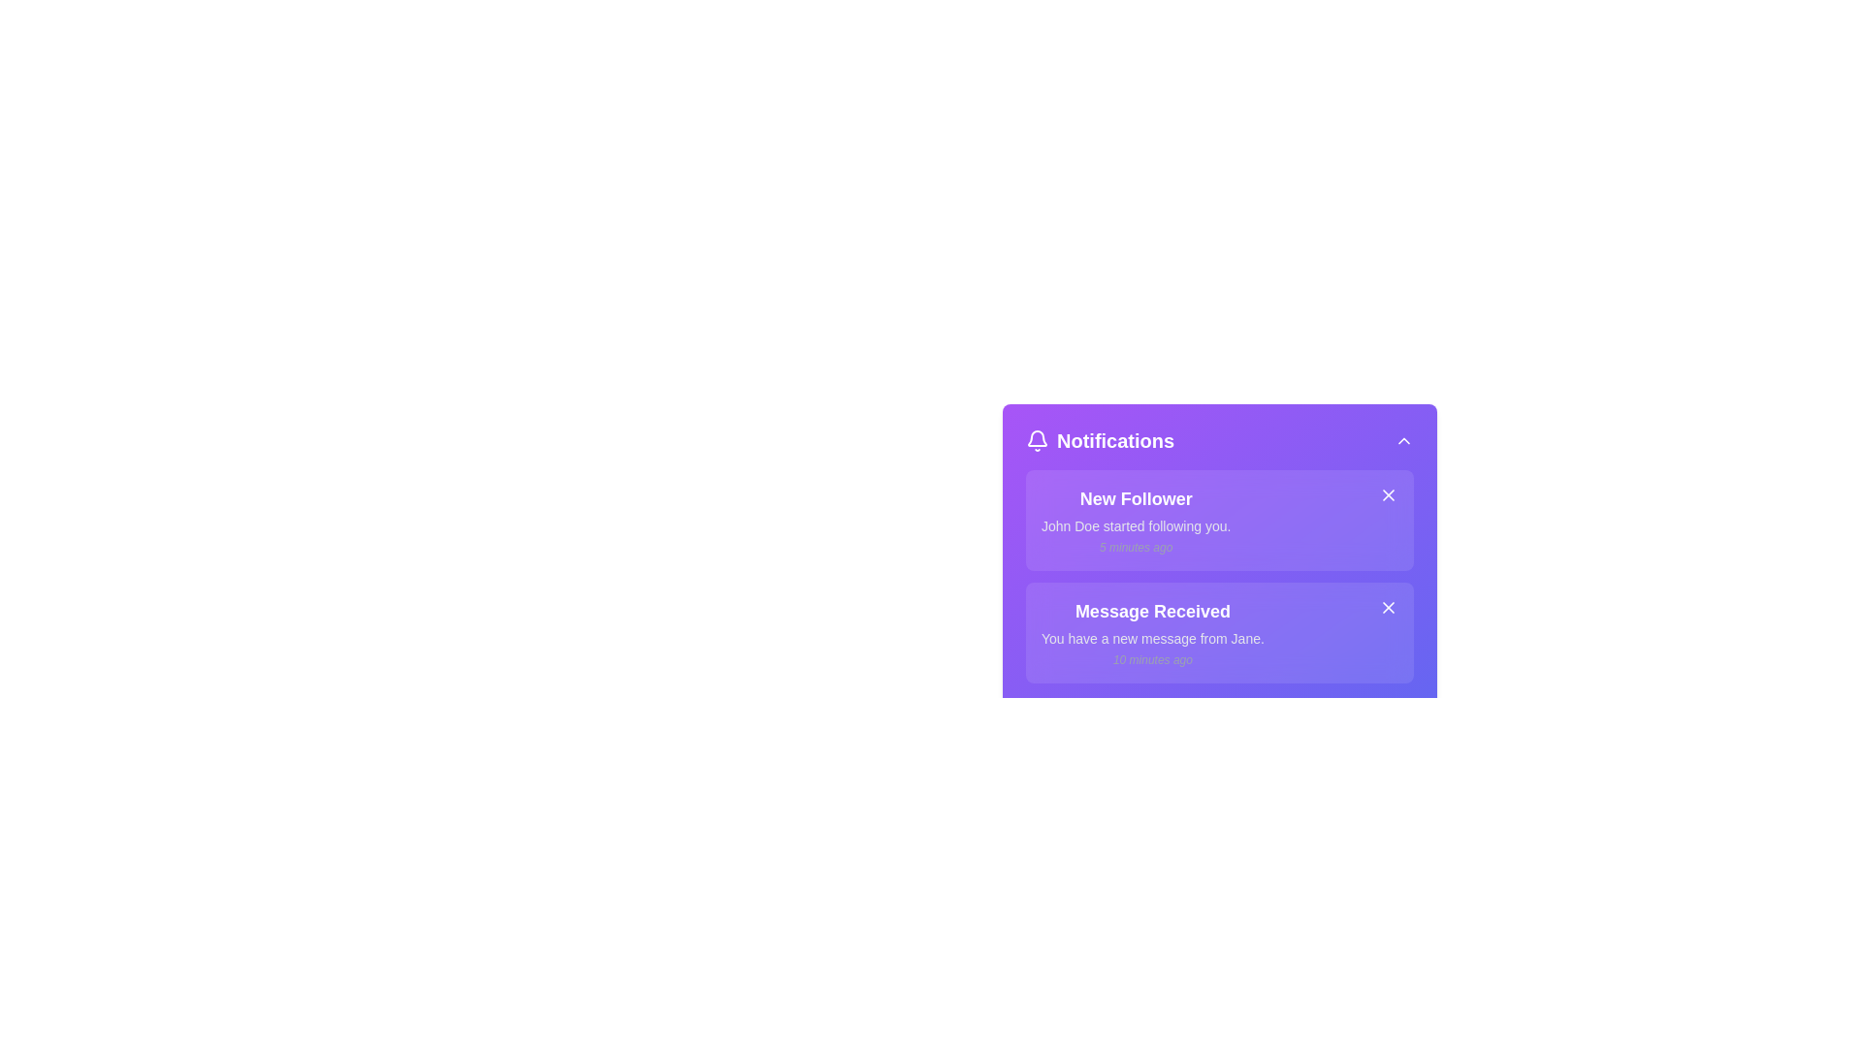  Describe the element at coordinates (1218, 560) in the screenshot. I see `the Notification Card that displays notification information including a title, a brief description, and the time of the notification, located centrally in the viewport` at that location.